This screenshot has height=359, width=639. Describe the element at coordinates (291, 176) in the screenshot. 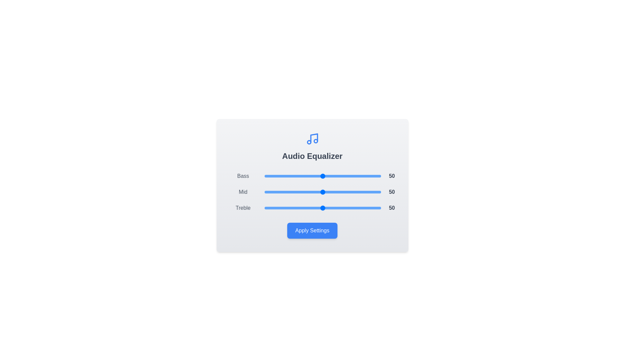

I see `the Bass slider to 23 percent` at that location.